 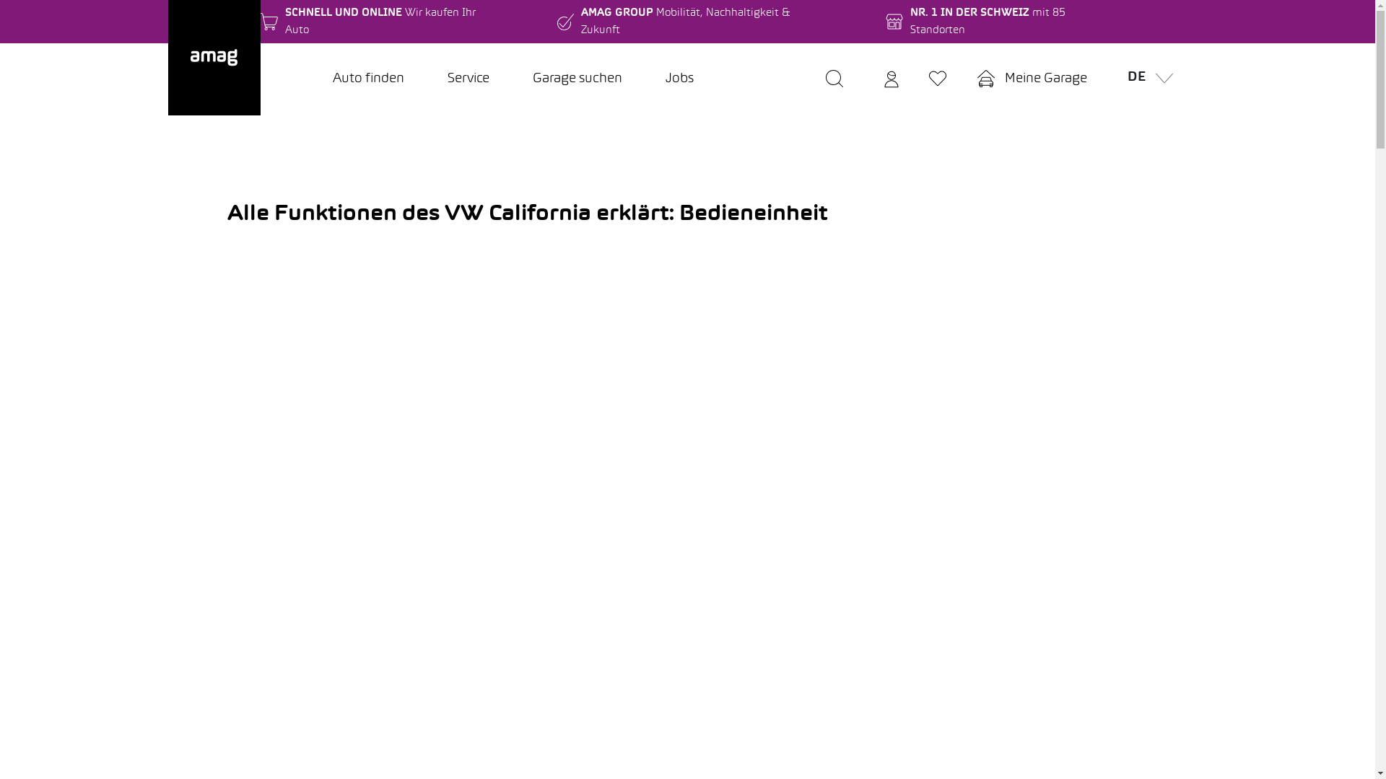 I want to click on 'NR. 1 IN DER SCHWEIZ mit 85 Standorten', so click(x=885, y=22).